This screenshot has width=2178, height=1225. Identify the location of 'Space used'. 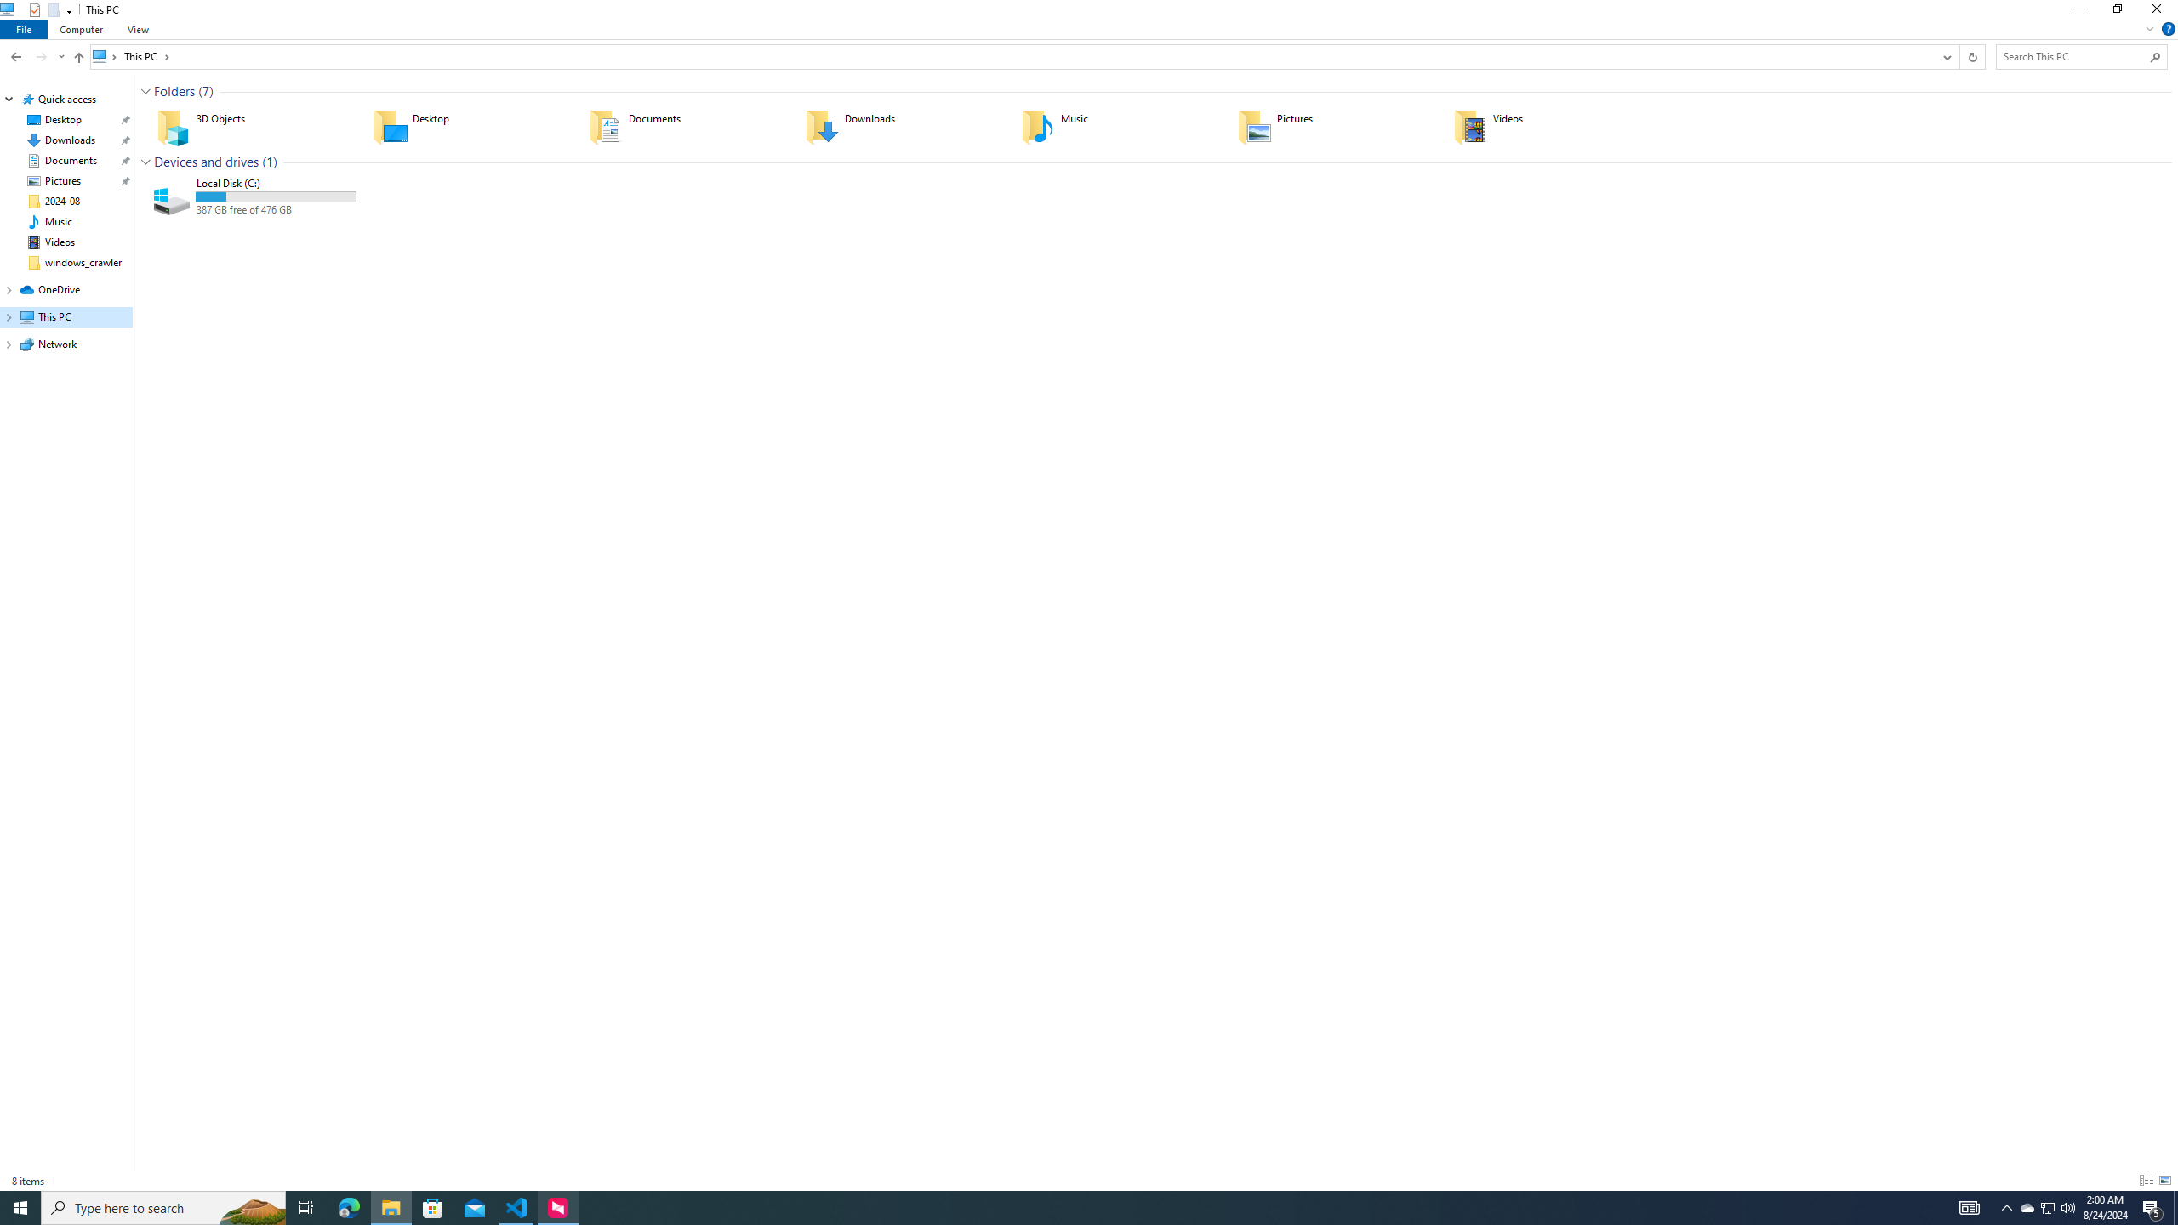
(274, 196).